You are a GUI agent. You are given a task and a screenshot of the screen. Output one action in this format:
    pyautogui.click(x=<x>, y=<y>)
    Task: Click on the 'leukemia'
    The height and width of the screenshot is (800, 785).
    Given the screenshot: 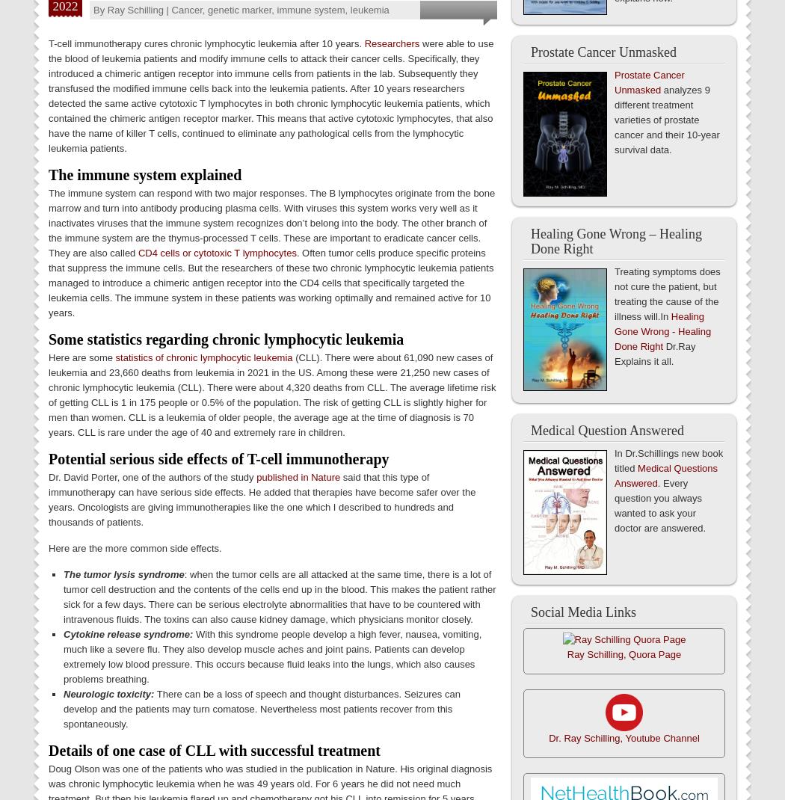 What is the action you would take?
    pyautogui.click(x=349, y=8)
    